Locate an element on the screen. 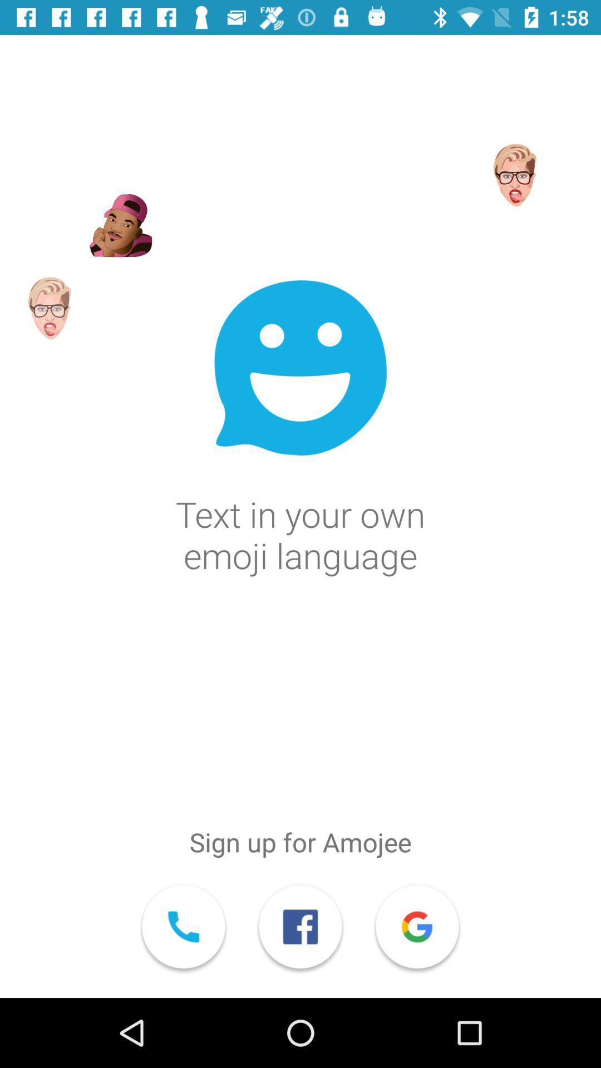 Image resolution: width=601 pixels, height=1068 pixels. the facebook icon is located at coordinates (300, 928).